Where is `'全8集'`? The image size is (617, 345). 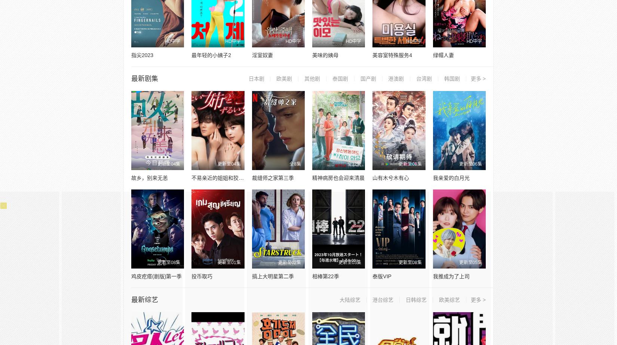
'全8集' is located at coordinates (295, 163).